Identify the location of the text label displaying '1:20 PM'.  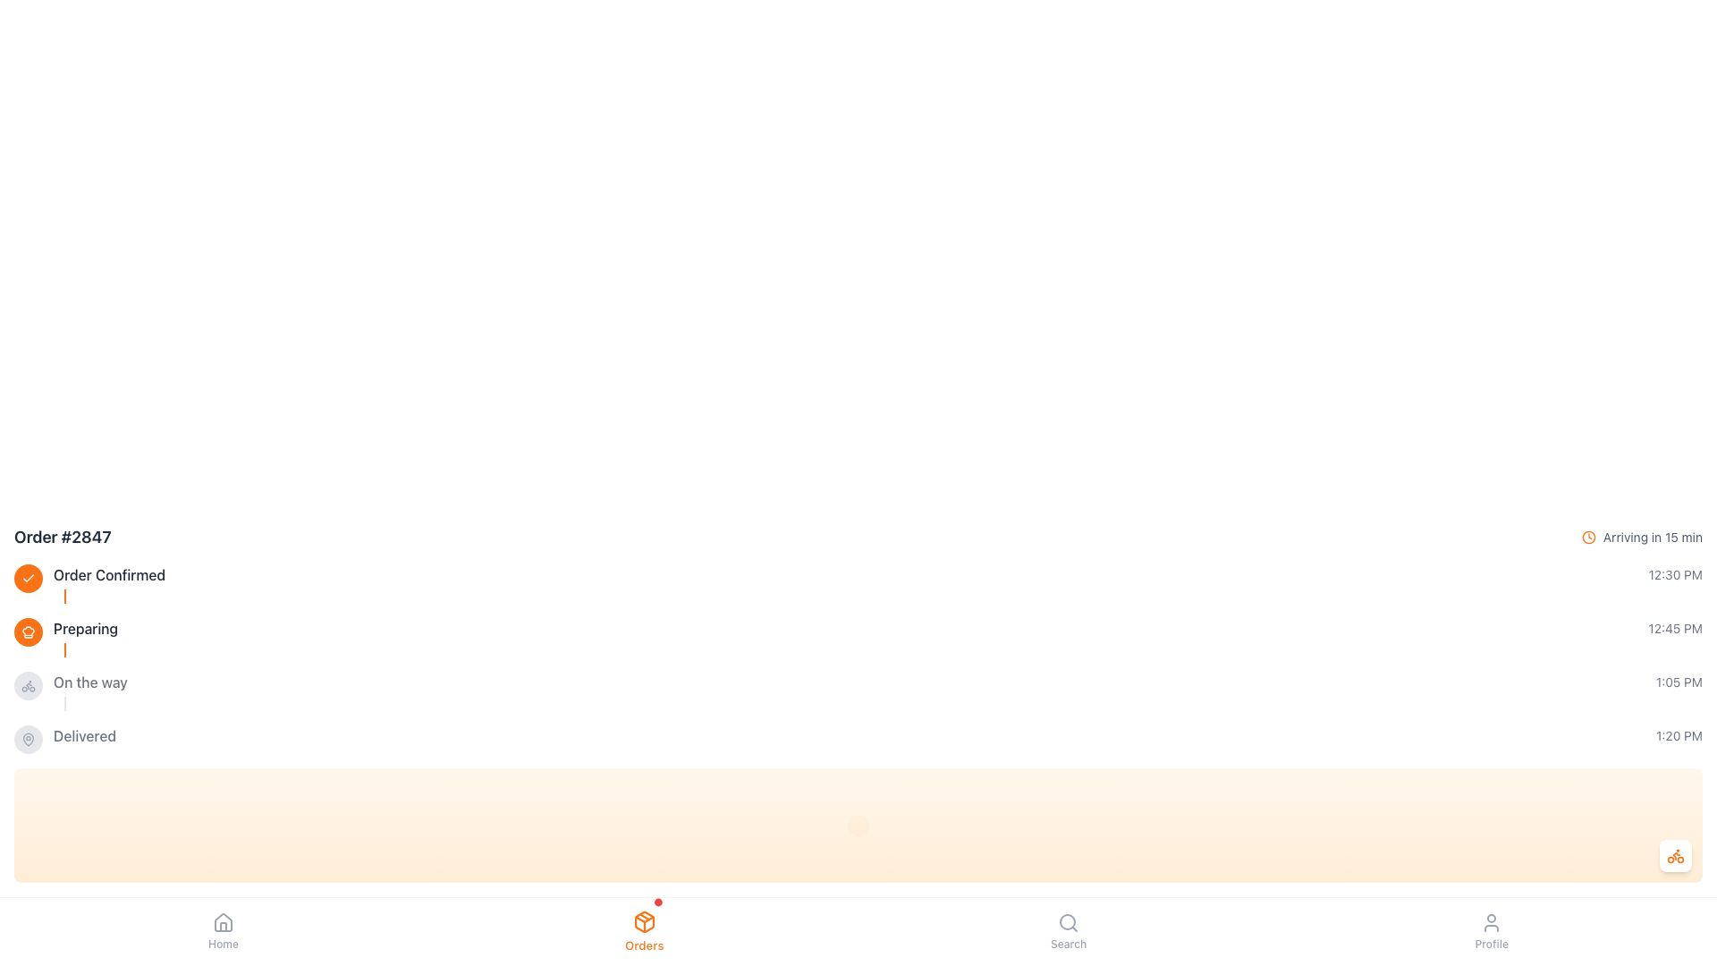
(1678, 735).